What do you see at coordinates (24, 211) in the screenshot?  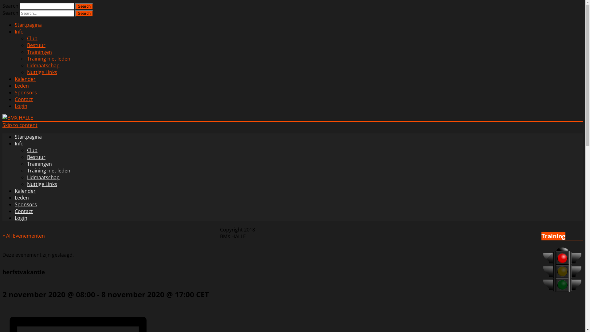 I see `'Contact'` at bounding box center [24, 211].